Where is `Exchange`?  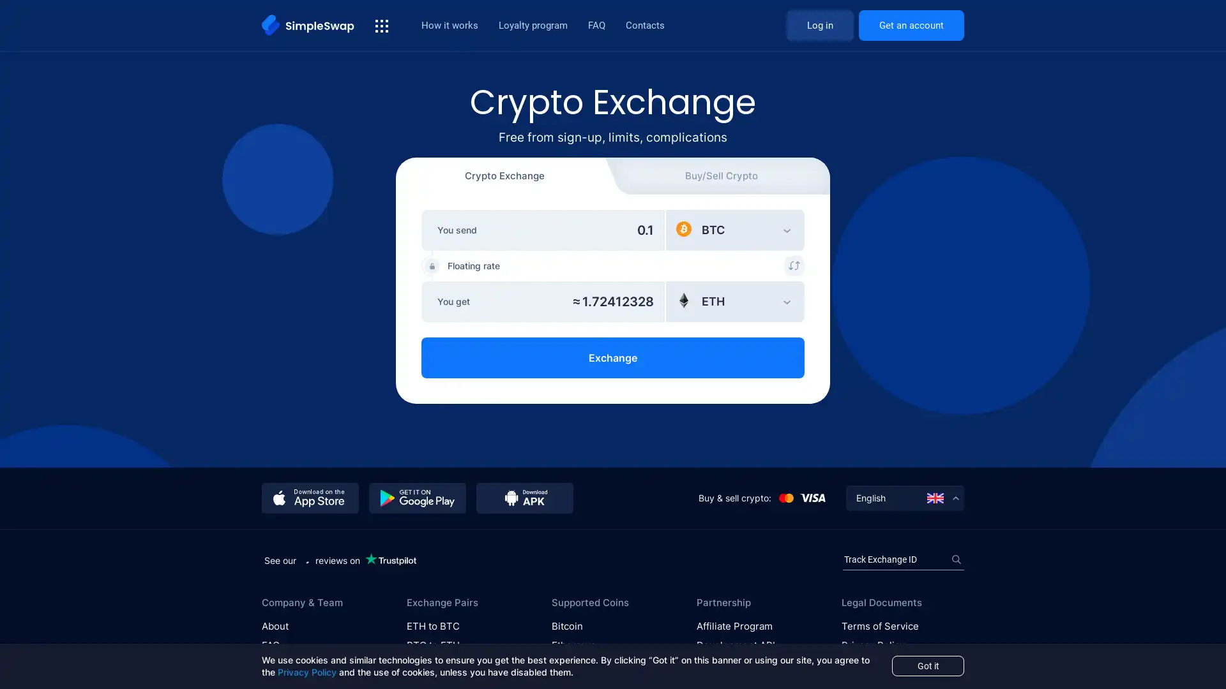 Exchange is located at coordinates (613, 357).